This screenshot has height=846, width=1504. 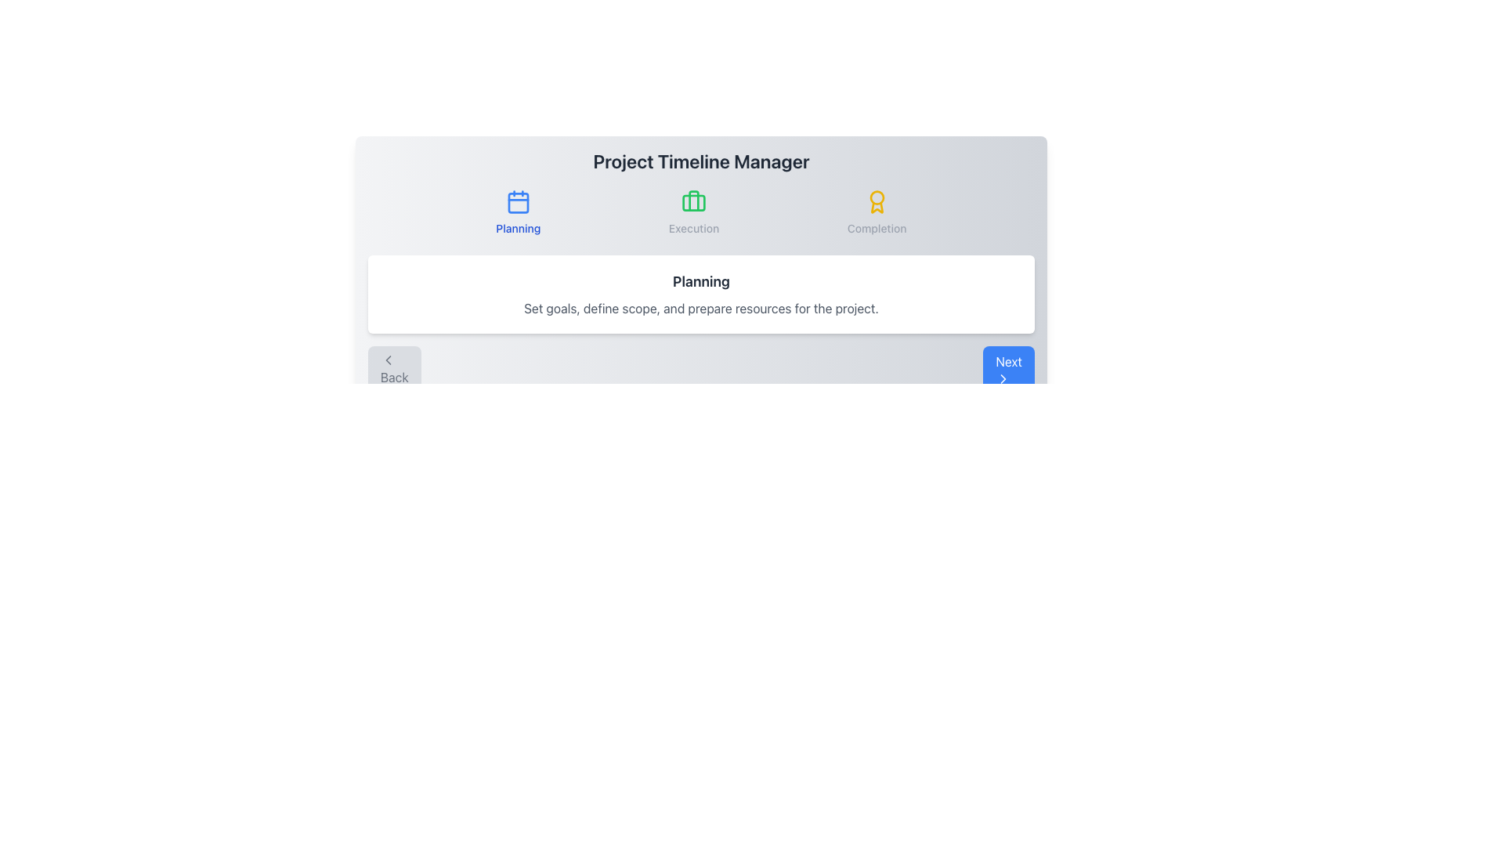 What do you see at coordinates (700, 270) in the screenshot?
I see `the text block that describes the 'Planning' phase to get more details about its objectives and scope` at bounding box center [700, 270].